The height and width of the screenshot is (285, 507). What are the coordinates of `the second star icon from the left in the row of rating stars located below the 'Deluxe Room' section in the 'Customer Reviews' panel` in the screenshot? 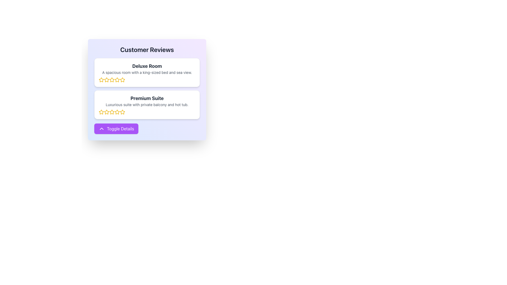 It's located at (111, 80).